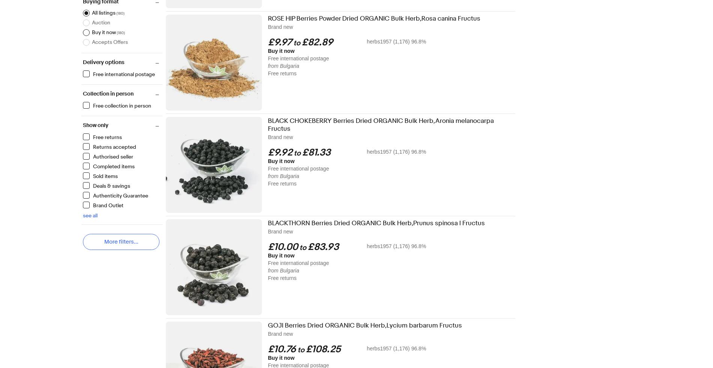  What do you see at coordinates (95, 125) in the screenshot?
I see `'Show only'` at bounding box center [95, 125].